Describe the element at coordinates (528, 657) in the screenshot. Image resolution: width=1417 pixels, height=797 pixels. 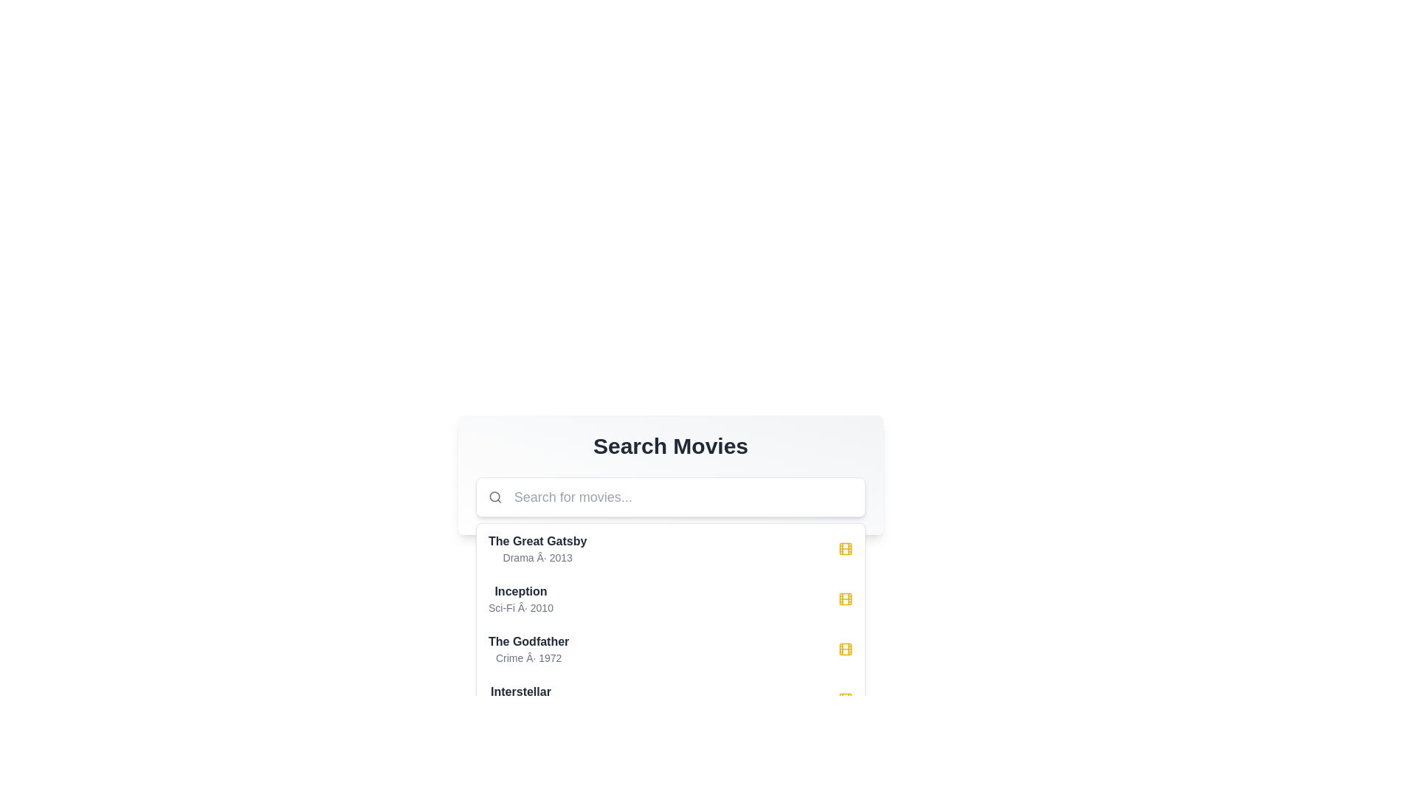
I see `informational Text label that provides details about the genre and release year of the movie 'The Godfather' for further metadata` at that location.